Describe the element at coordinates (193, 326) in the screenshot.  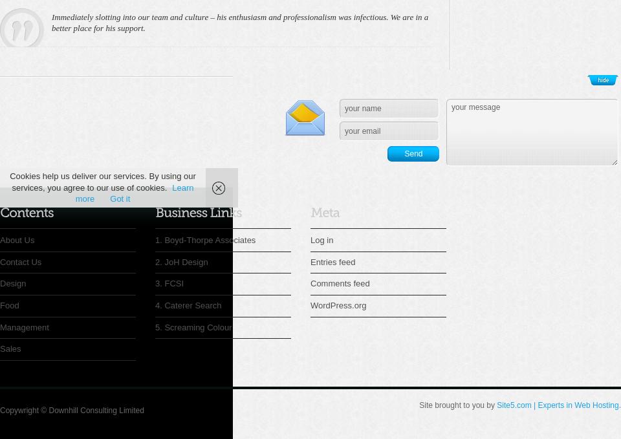
I see `'5. Screaming Colour'` at that location.